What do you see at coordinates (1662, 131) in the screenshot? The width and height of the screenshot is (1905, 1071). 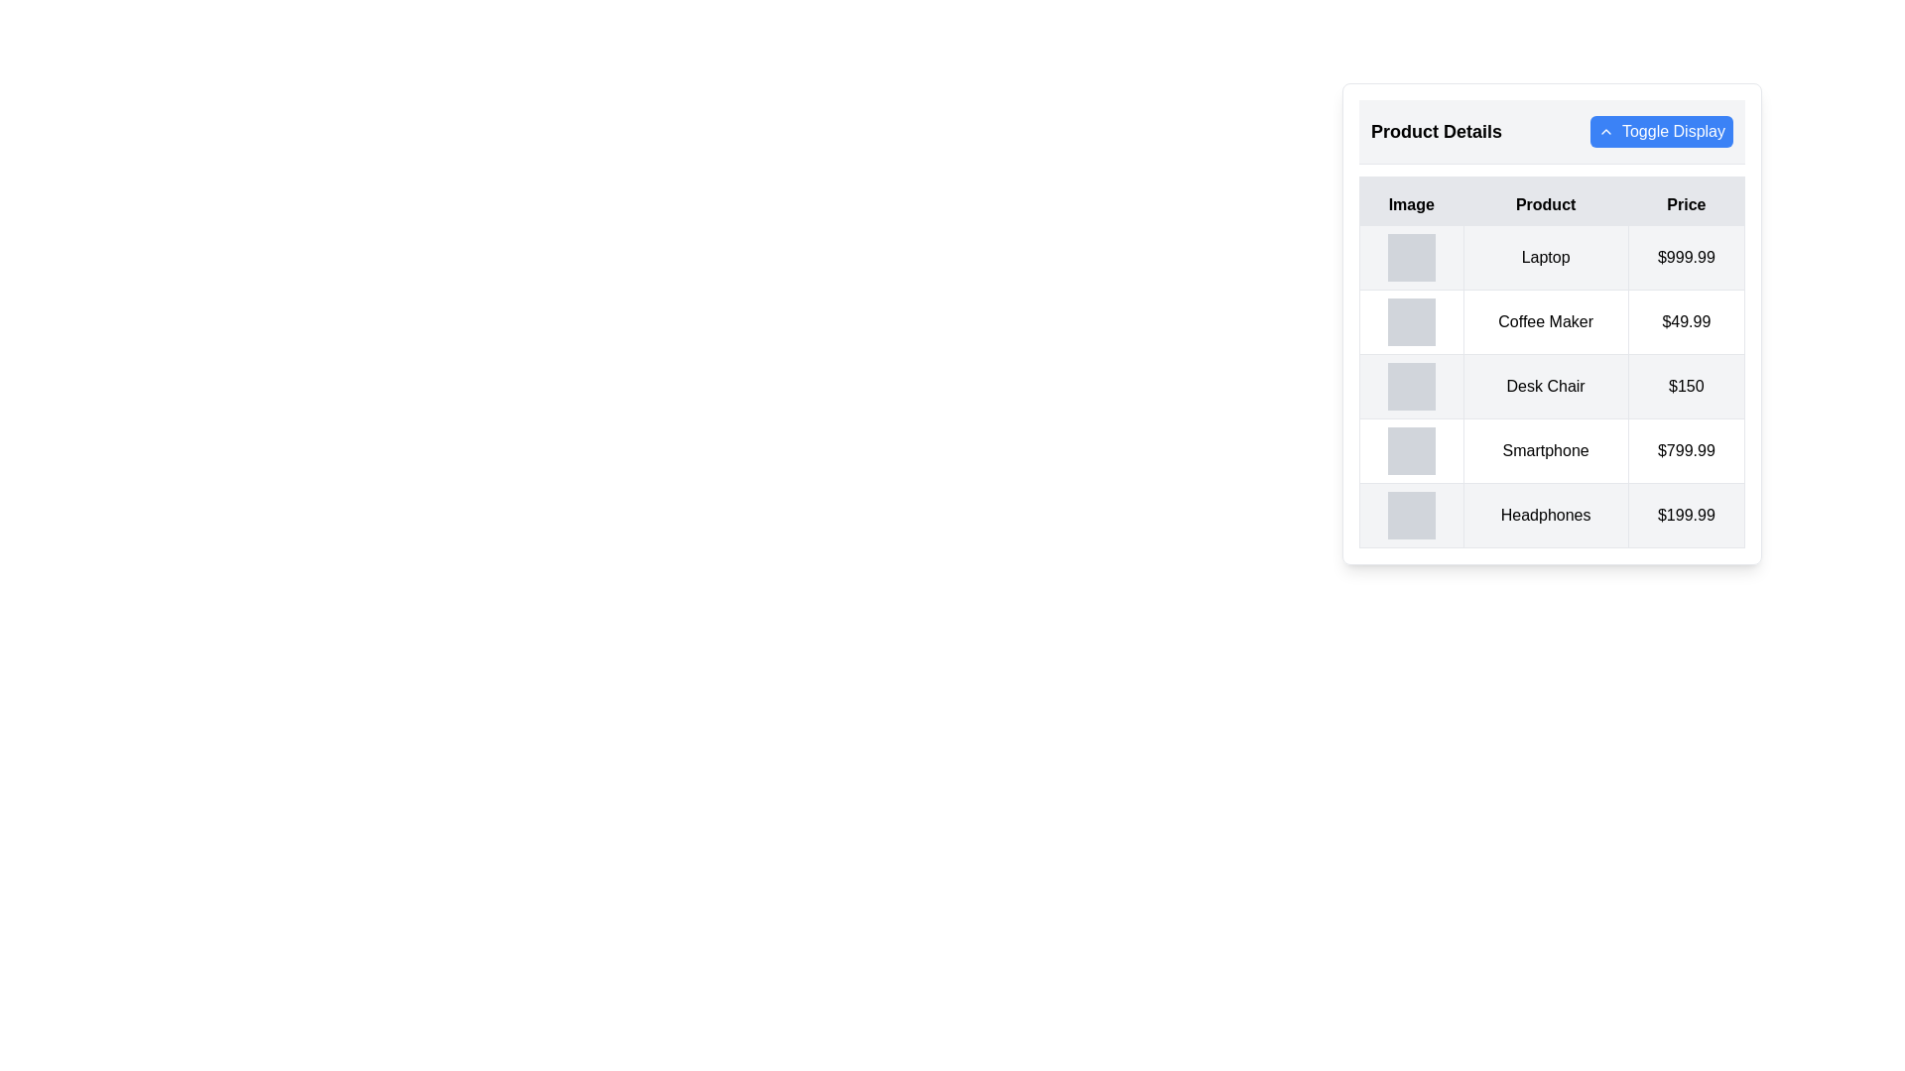 I see `the toggle button located in the top right corner of the 'Product Details' section` at bounding box center [1662, 131].